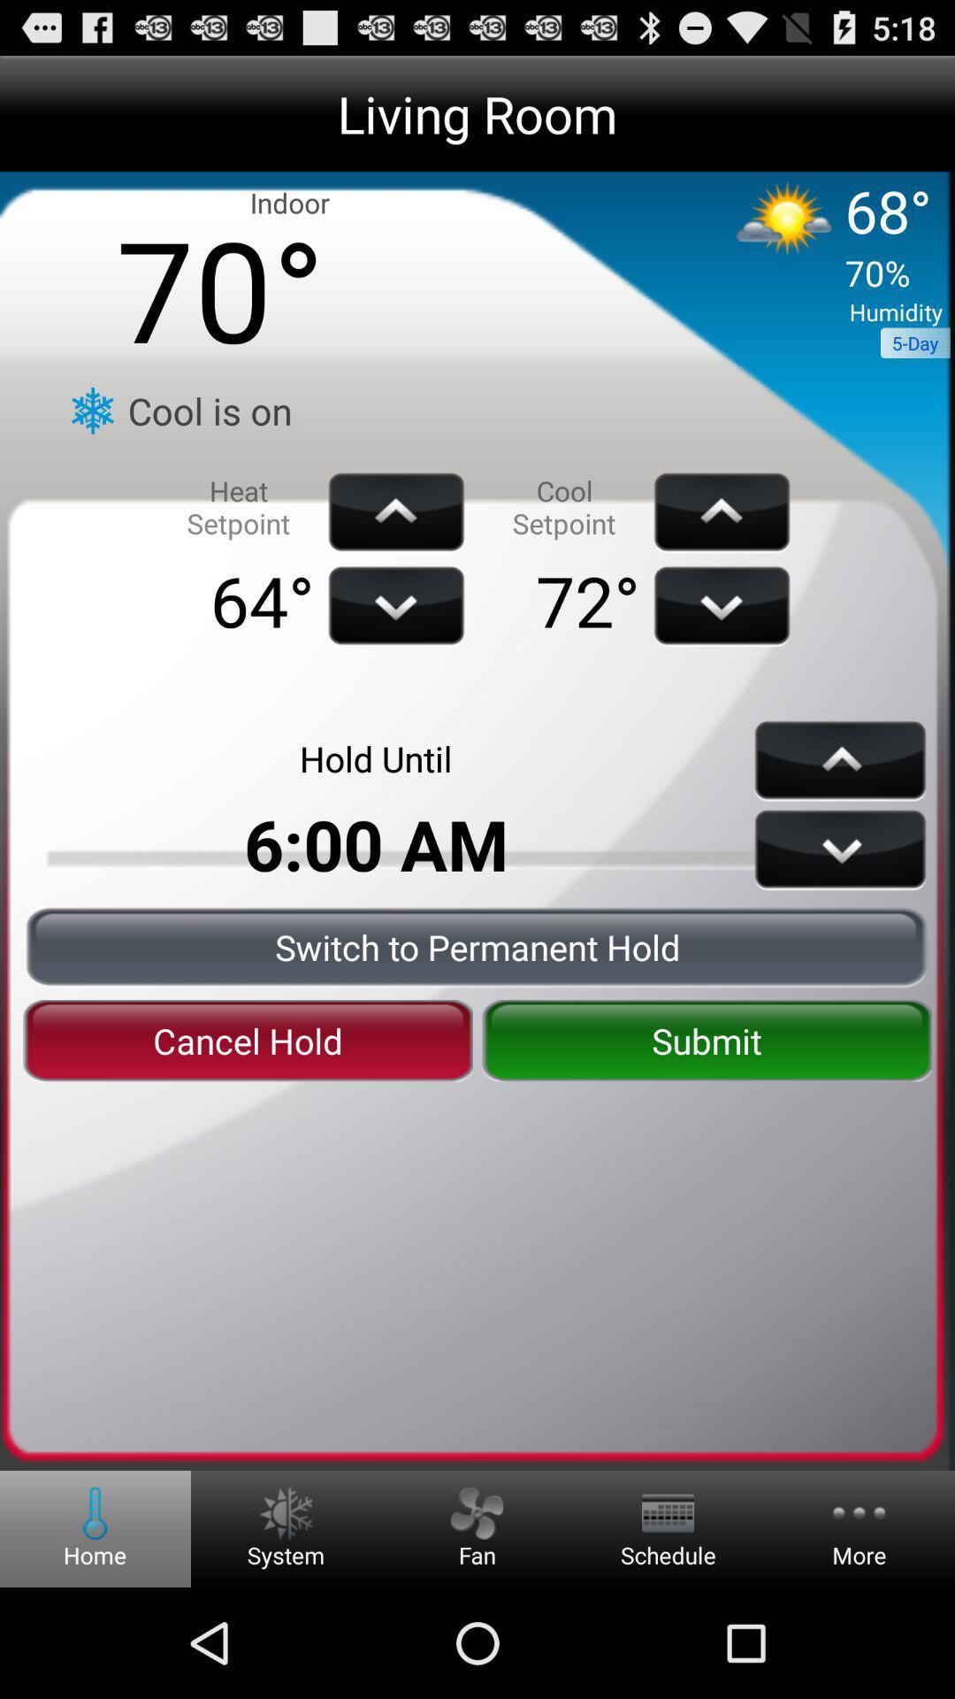  I want to click on the icon below the switch to permanent item, so click(248, 1041).